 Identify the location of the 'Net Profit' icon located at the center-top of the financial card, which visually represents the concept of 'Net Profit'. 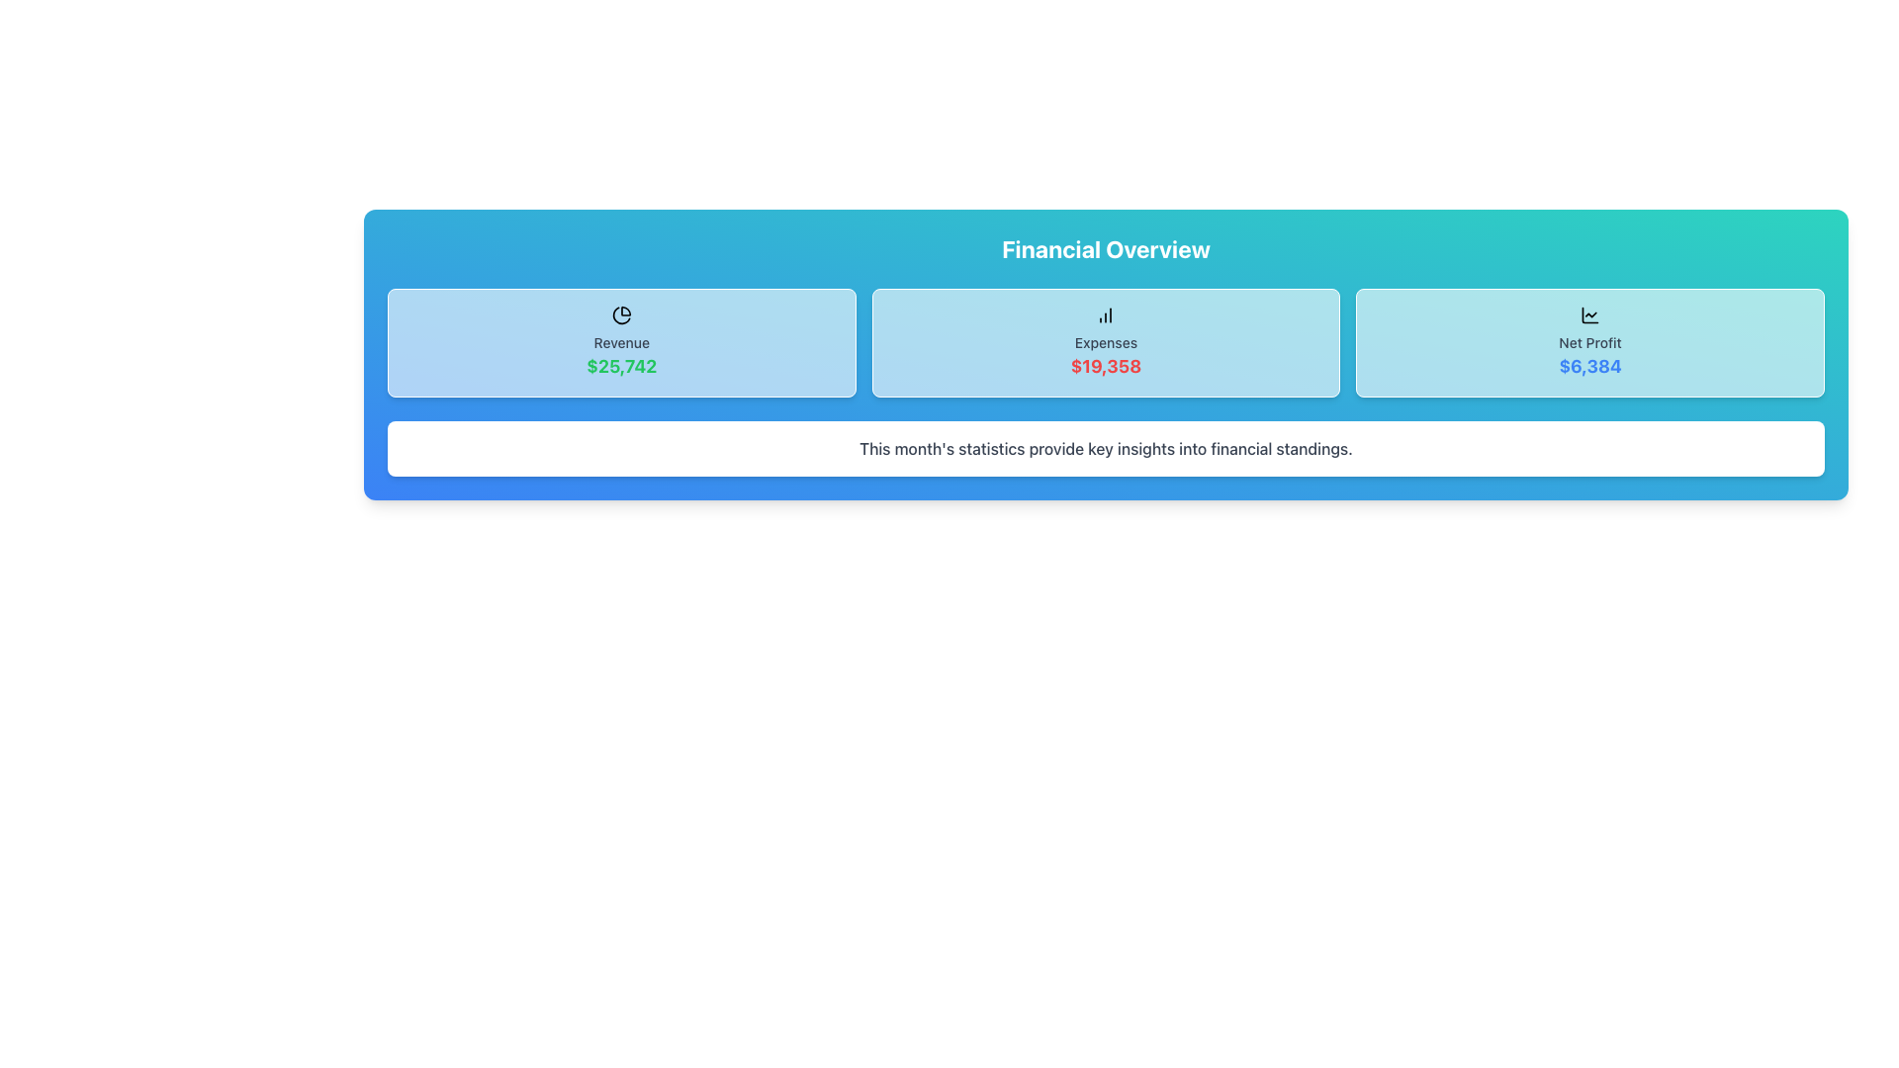
(1590, 314).